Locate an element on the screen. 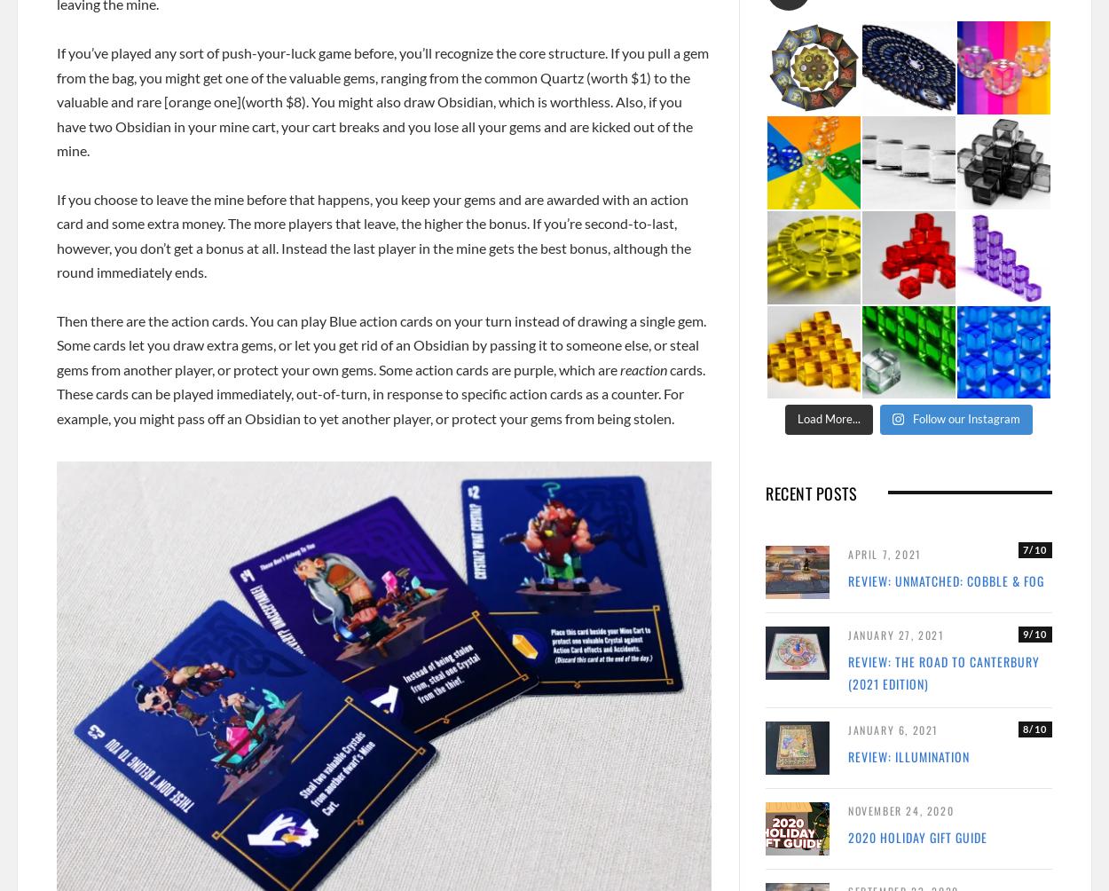  'reaction' is located at coordinates (642, 367).